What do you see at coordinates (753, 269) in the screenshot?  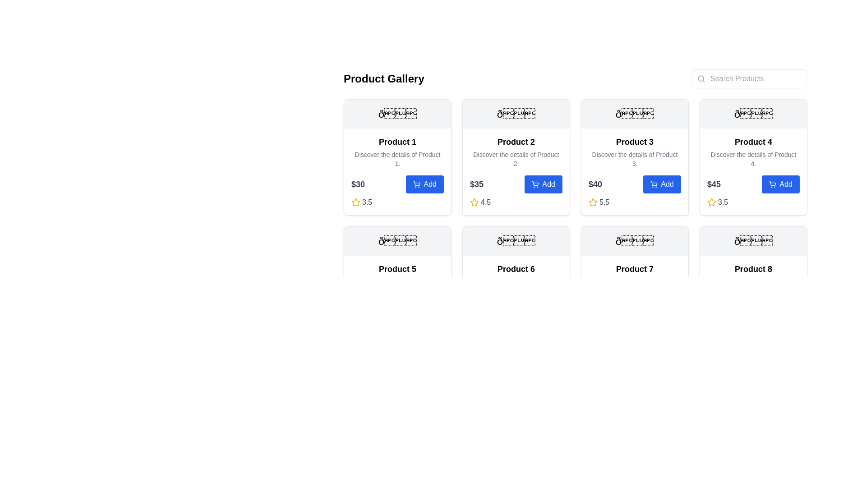 I see `the product name labeled 'Product 8', which is a bold text heading centrally aligned in the bottom-right panel of the product gallery` at bounding box center [753, 269].